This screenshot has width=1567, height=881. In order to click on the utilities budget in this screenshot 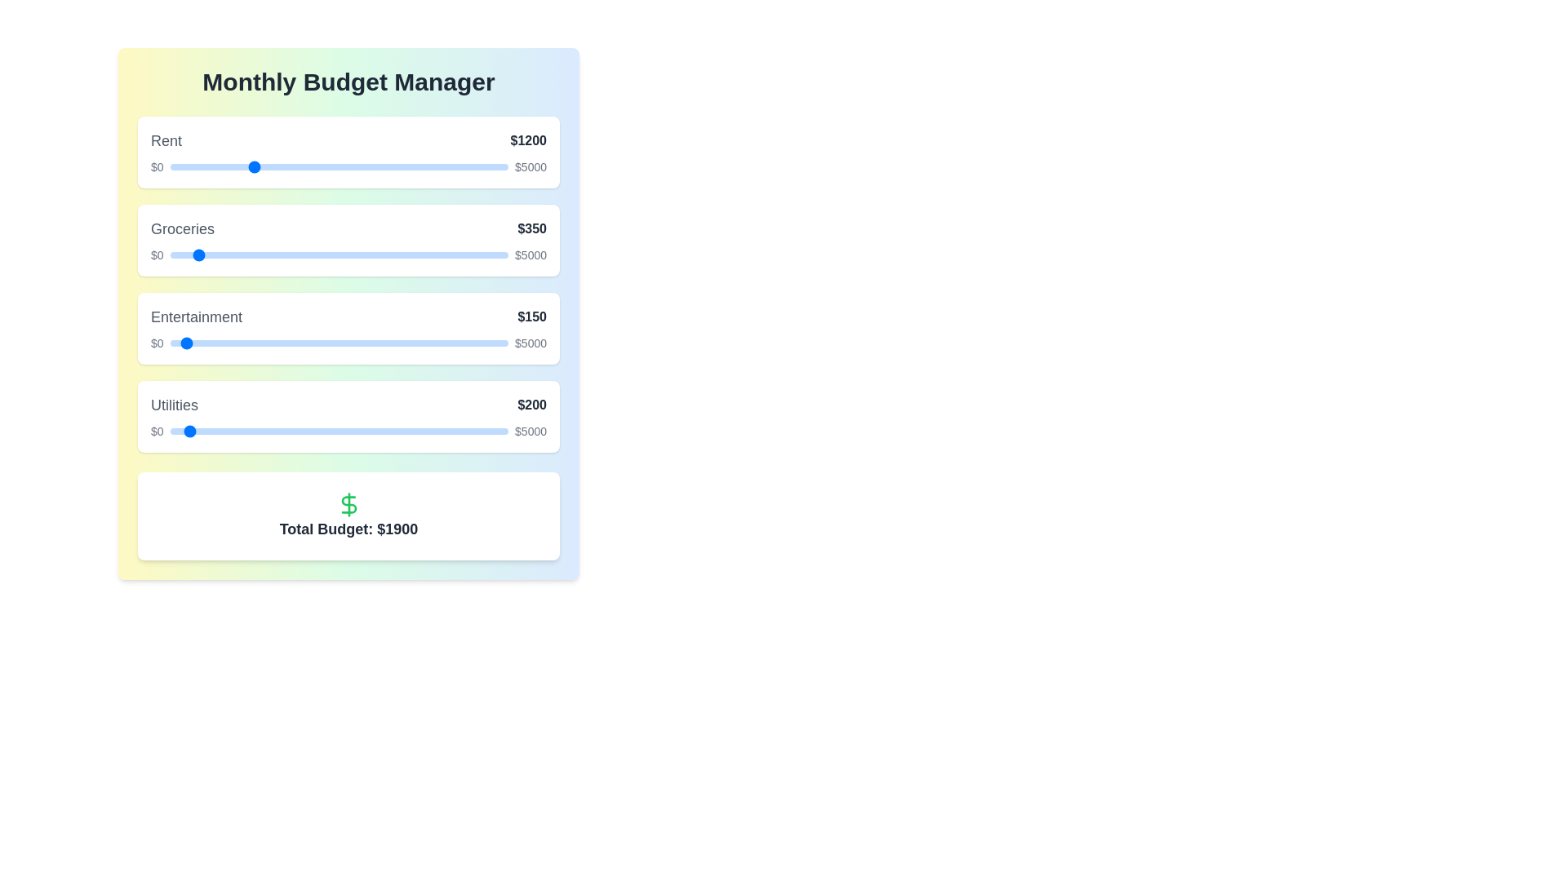, I will do `click(420, 430)`.